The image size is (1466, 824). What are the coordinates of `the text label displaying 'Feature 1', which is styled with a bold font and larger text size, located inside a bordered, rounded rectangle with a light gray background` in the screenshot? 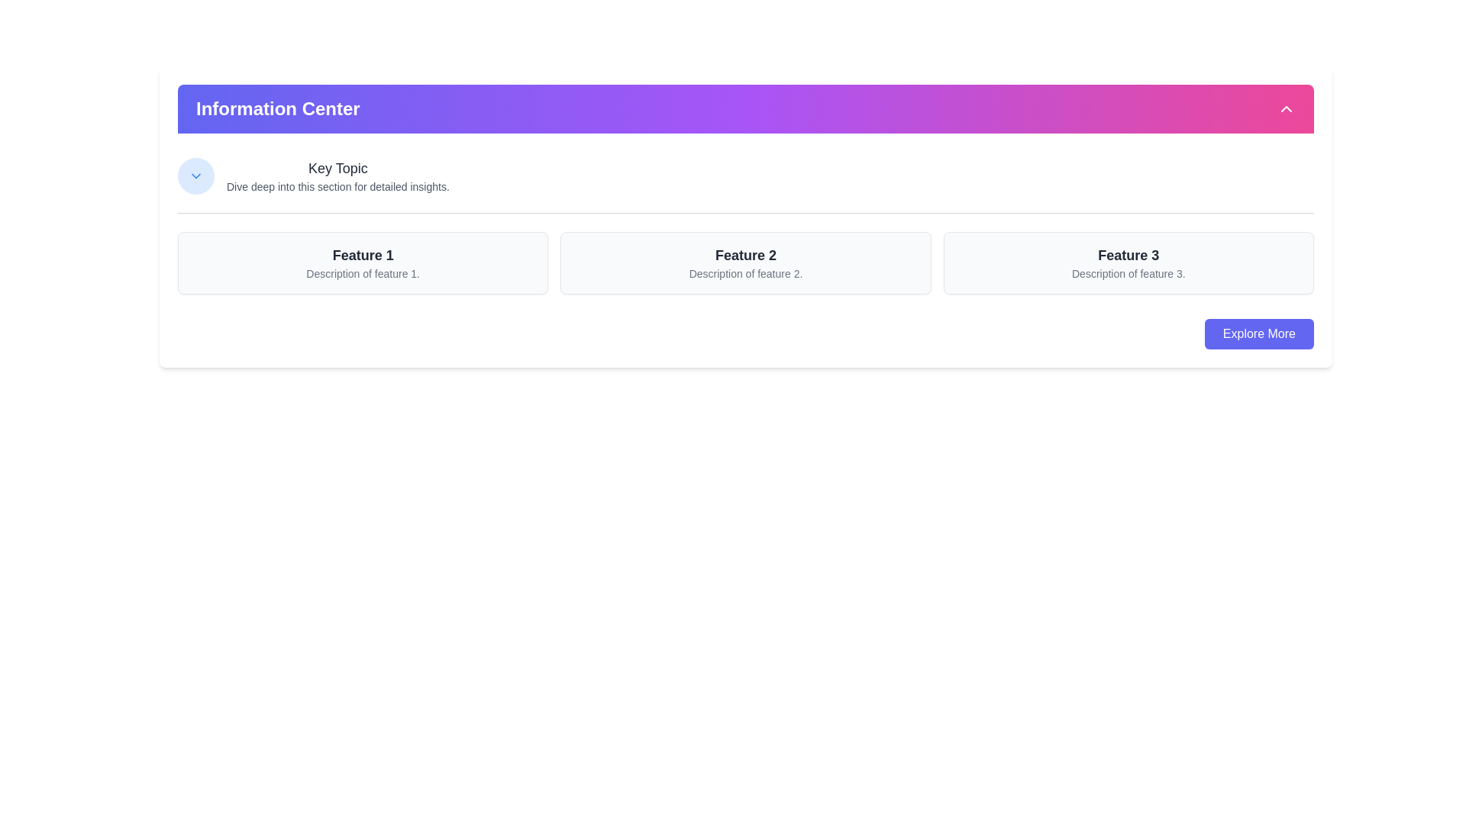 It's located at (362, 255).